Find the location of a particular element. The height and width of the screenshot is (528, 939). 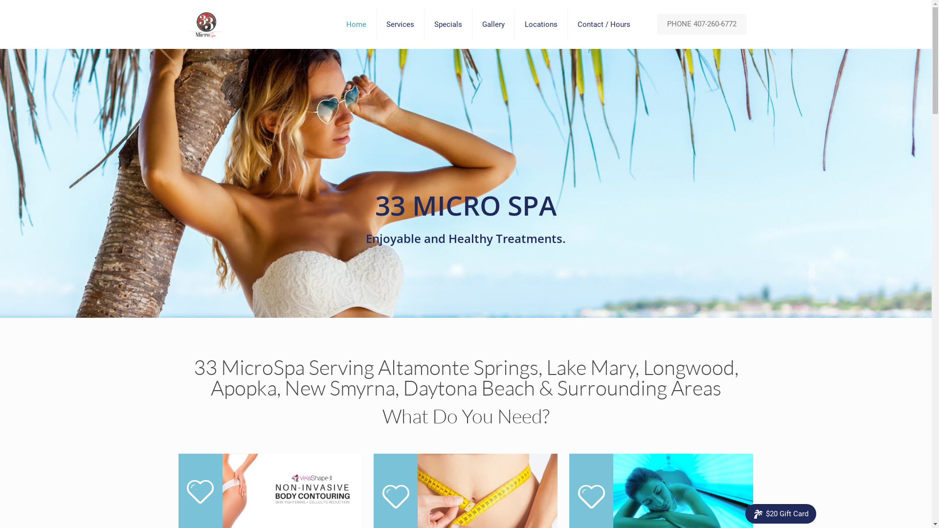

'PHONE 407-260-6772' is located at coordinates (701, 23).